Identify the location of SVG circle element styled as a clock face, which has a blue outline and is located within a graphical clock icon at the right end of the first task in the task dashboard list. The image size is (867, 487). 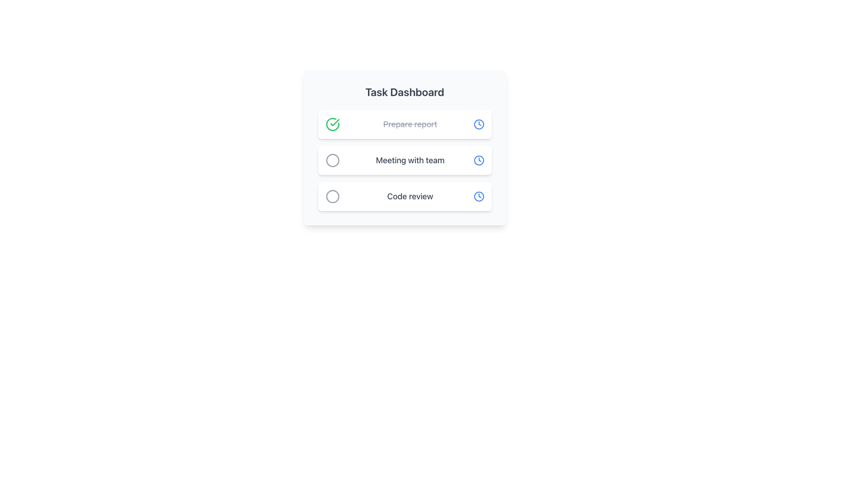
(478, 124).